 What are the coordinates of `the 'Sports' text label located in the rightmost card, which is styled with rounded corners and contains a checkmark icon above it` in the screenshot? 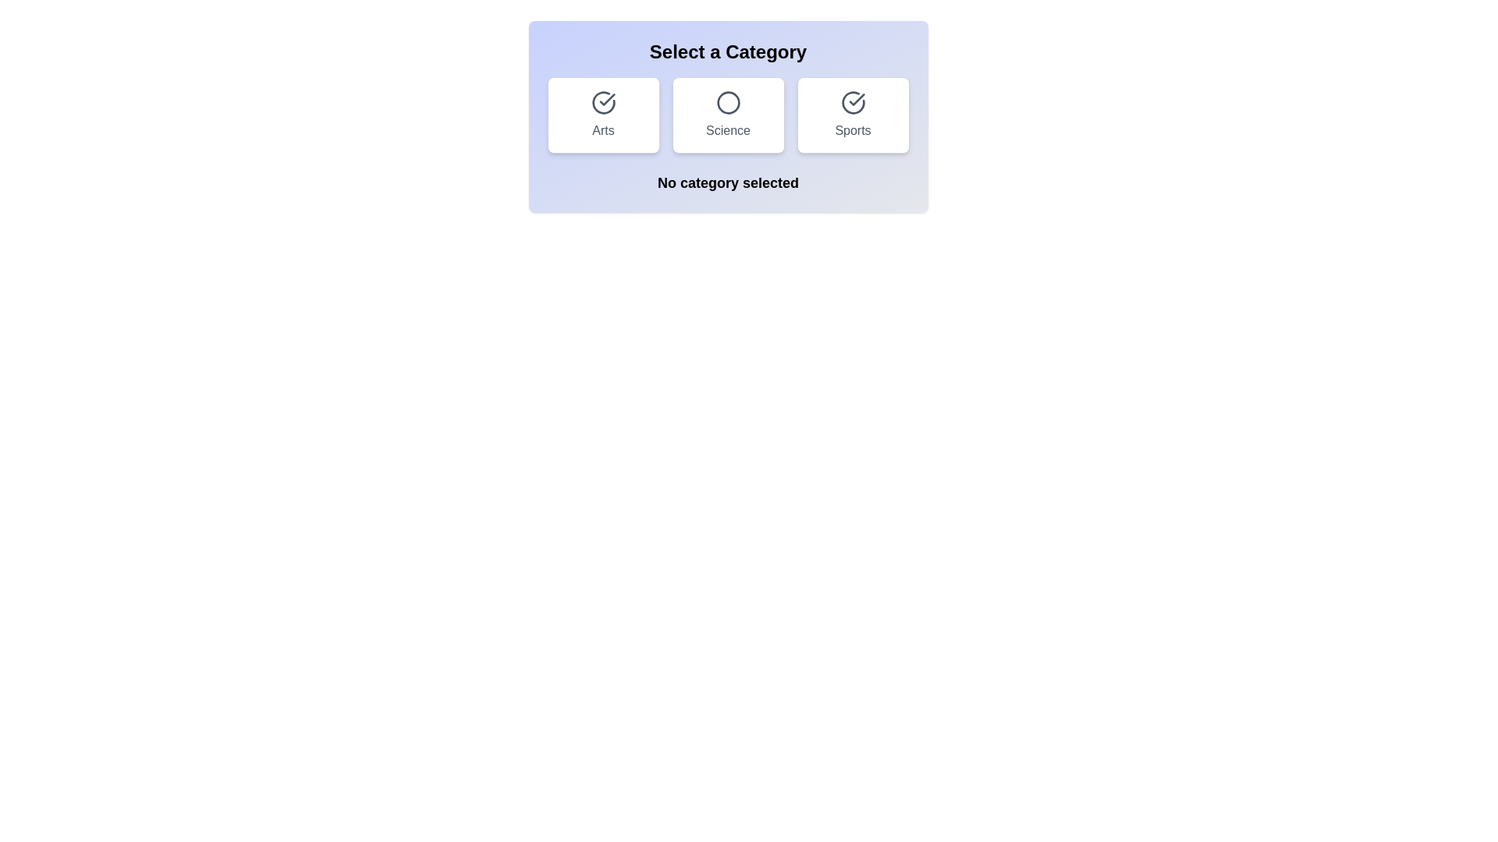 It's located at (852, 130).